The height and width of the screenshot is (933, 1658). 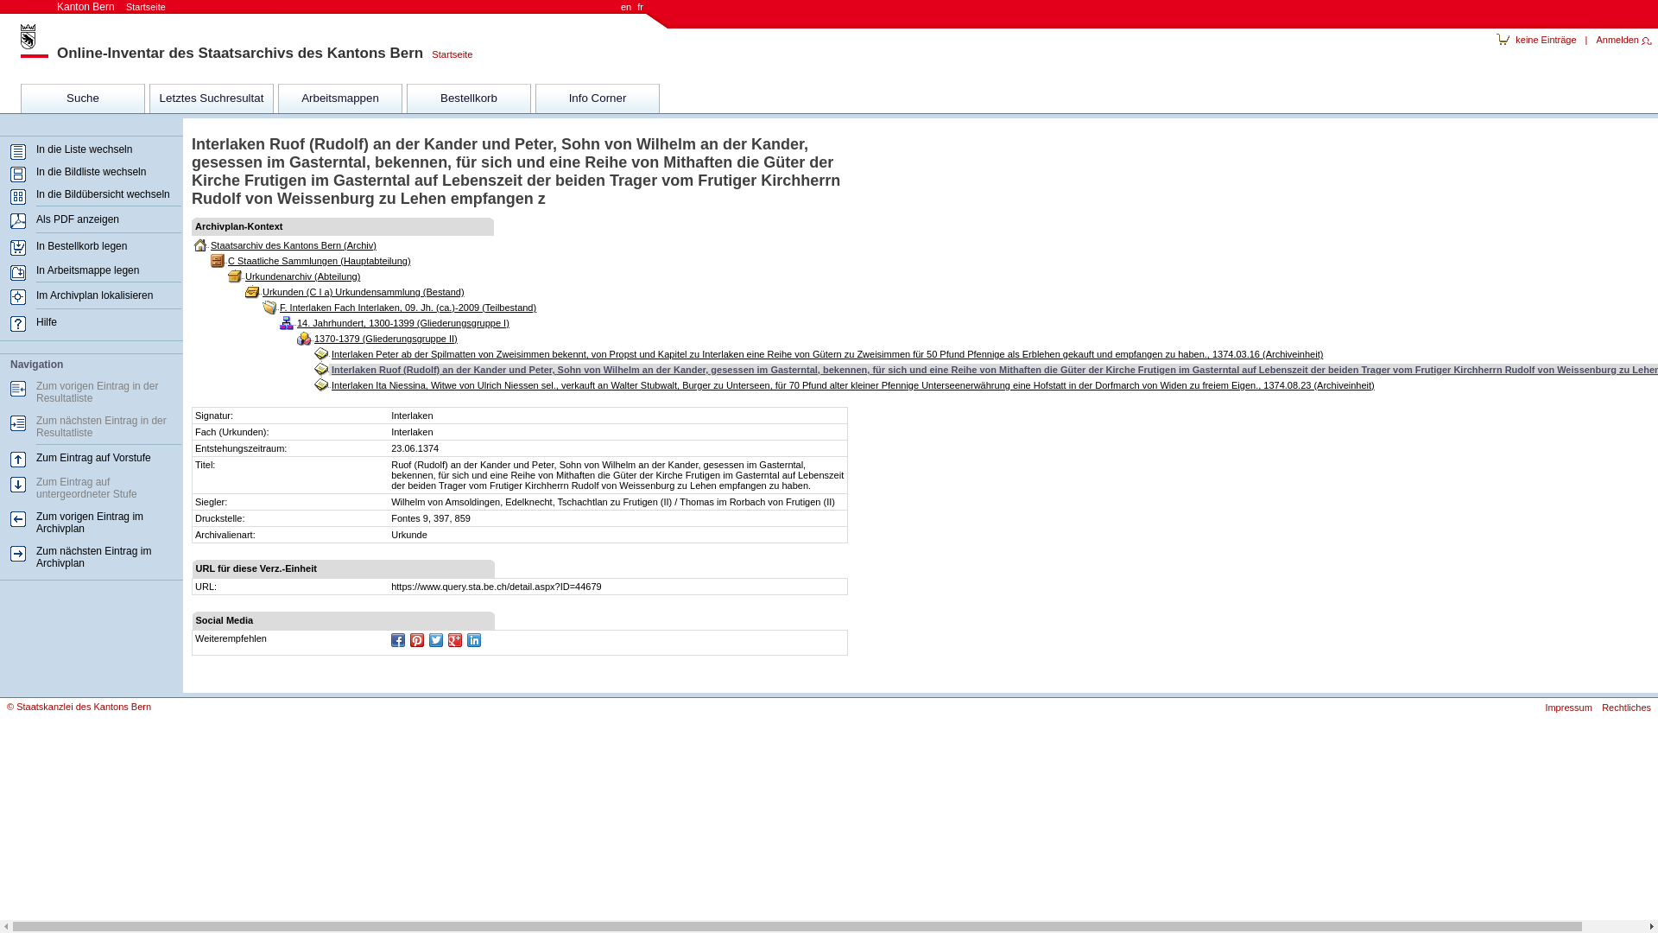 What do you see at coordinates (597, 98) in the screenshot?
I see `'Info Corner'` at bounding box center [597, 98].